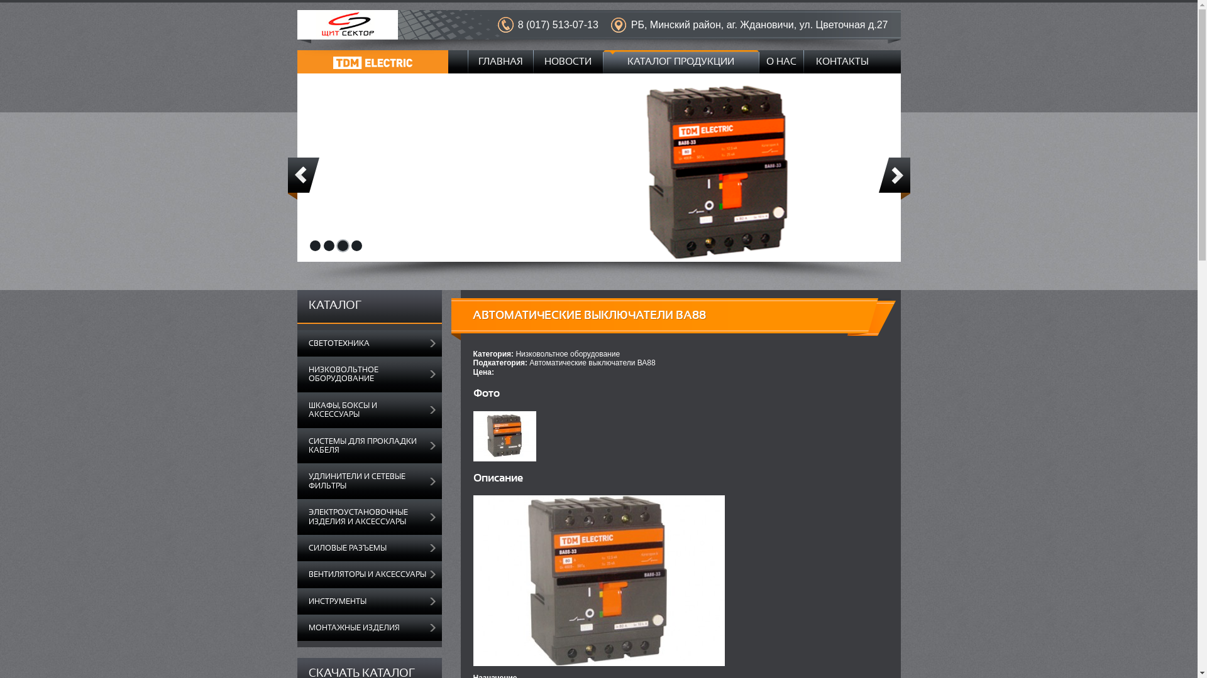  Describe the element at coordinates (893, 178) in the screenshot. I see `'Next'` at that location.